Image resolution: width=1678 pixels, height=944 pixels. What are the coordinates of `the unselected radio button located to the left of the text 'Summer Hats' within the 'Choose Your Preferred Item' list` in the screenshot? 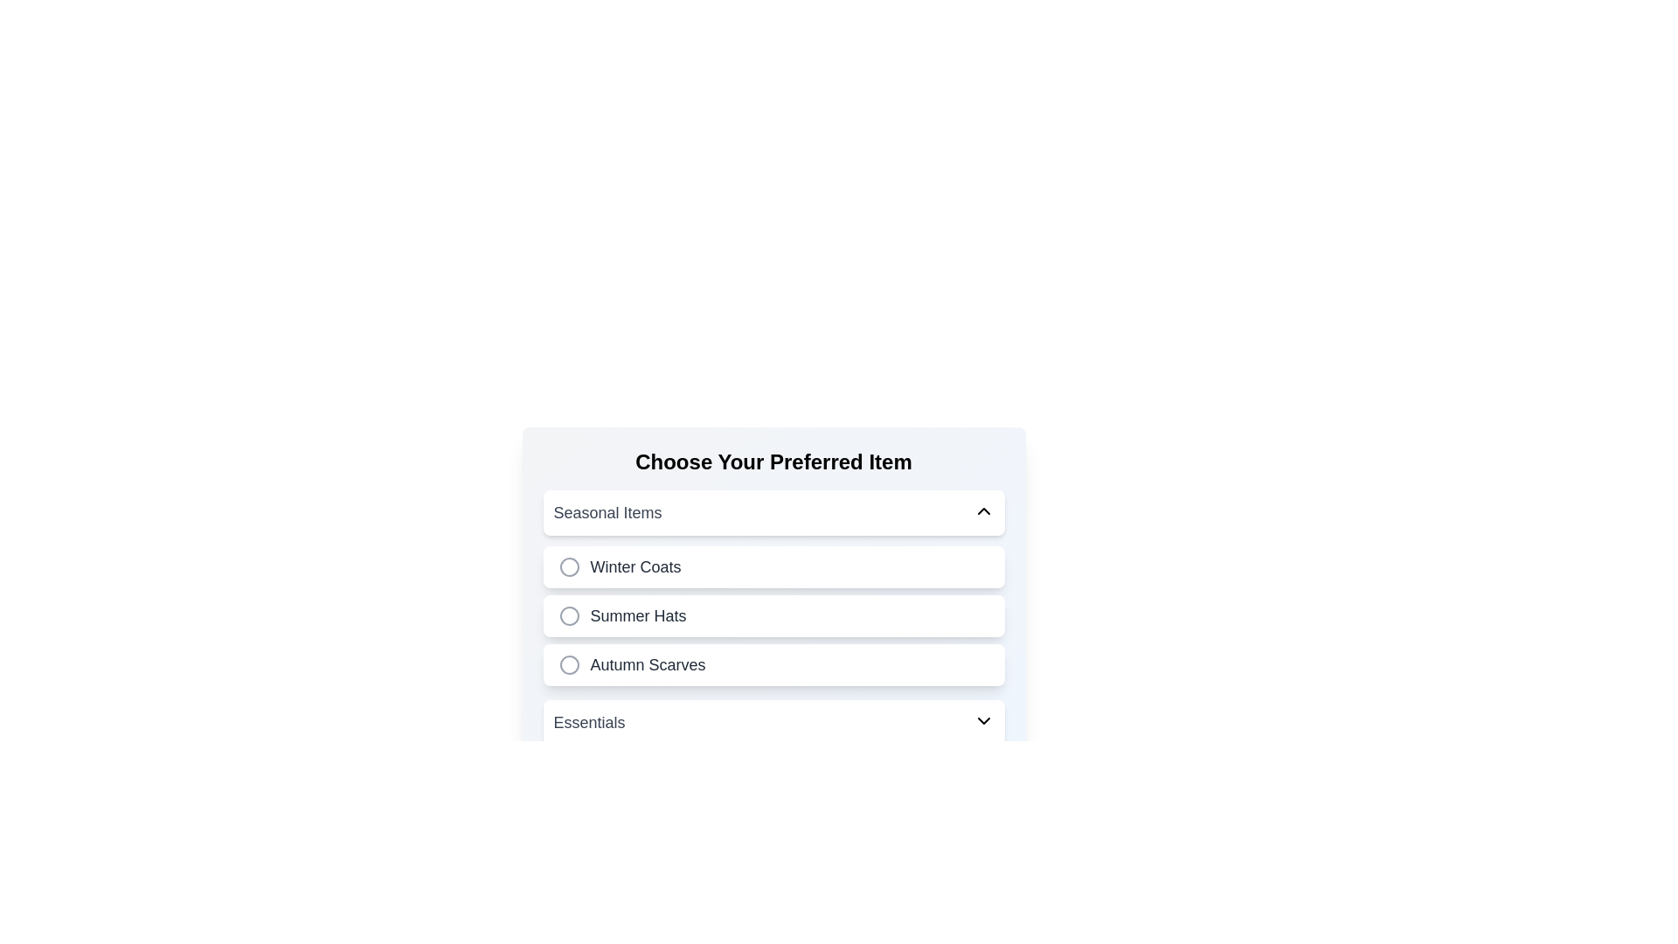 It's located at (569, 615).